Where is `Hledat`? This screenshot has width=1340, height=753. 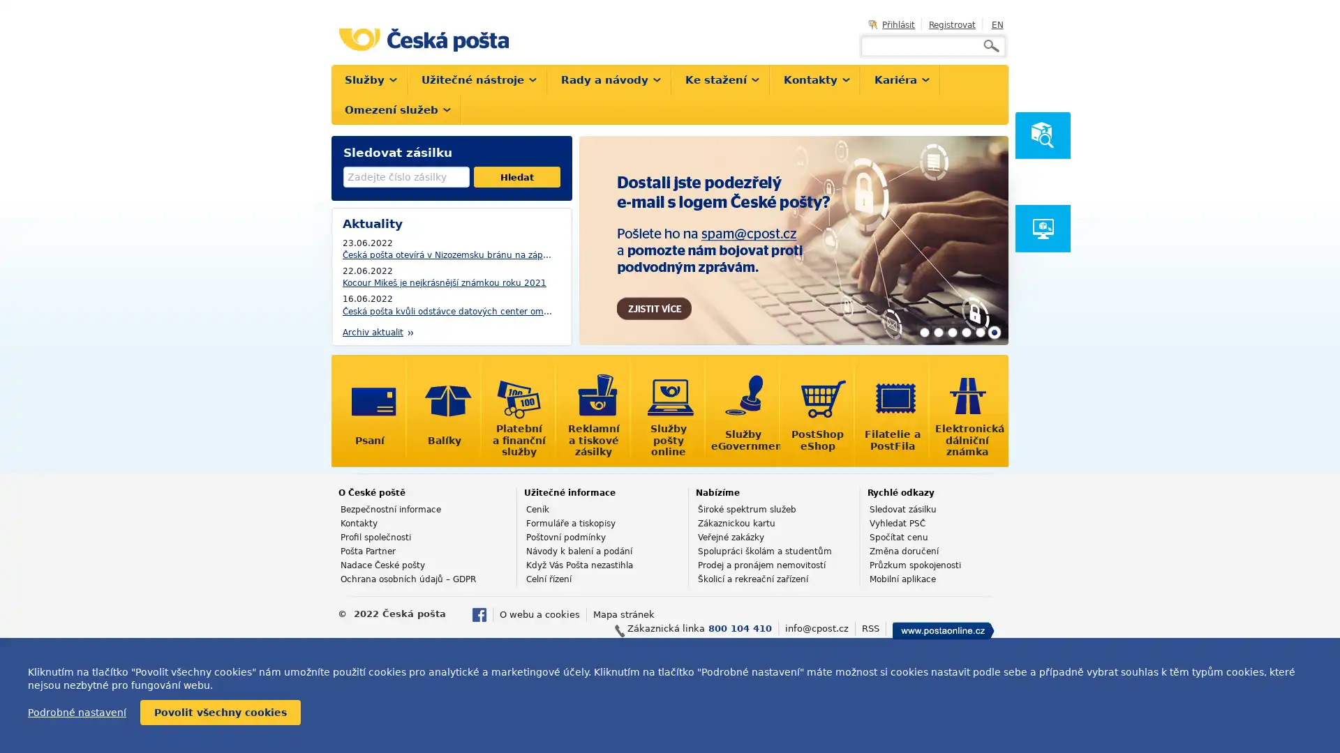
Hledat is located at coordinates (516, 176).